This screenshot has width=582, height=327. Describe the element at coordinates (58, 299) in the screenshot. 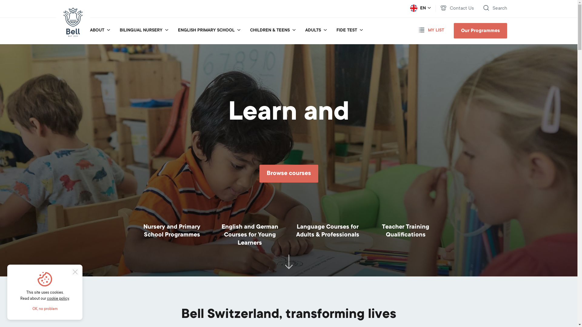

I see `'cookie policy'` at that location.